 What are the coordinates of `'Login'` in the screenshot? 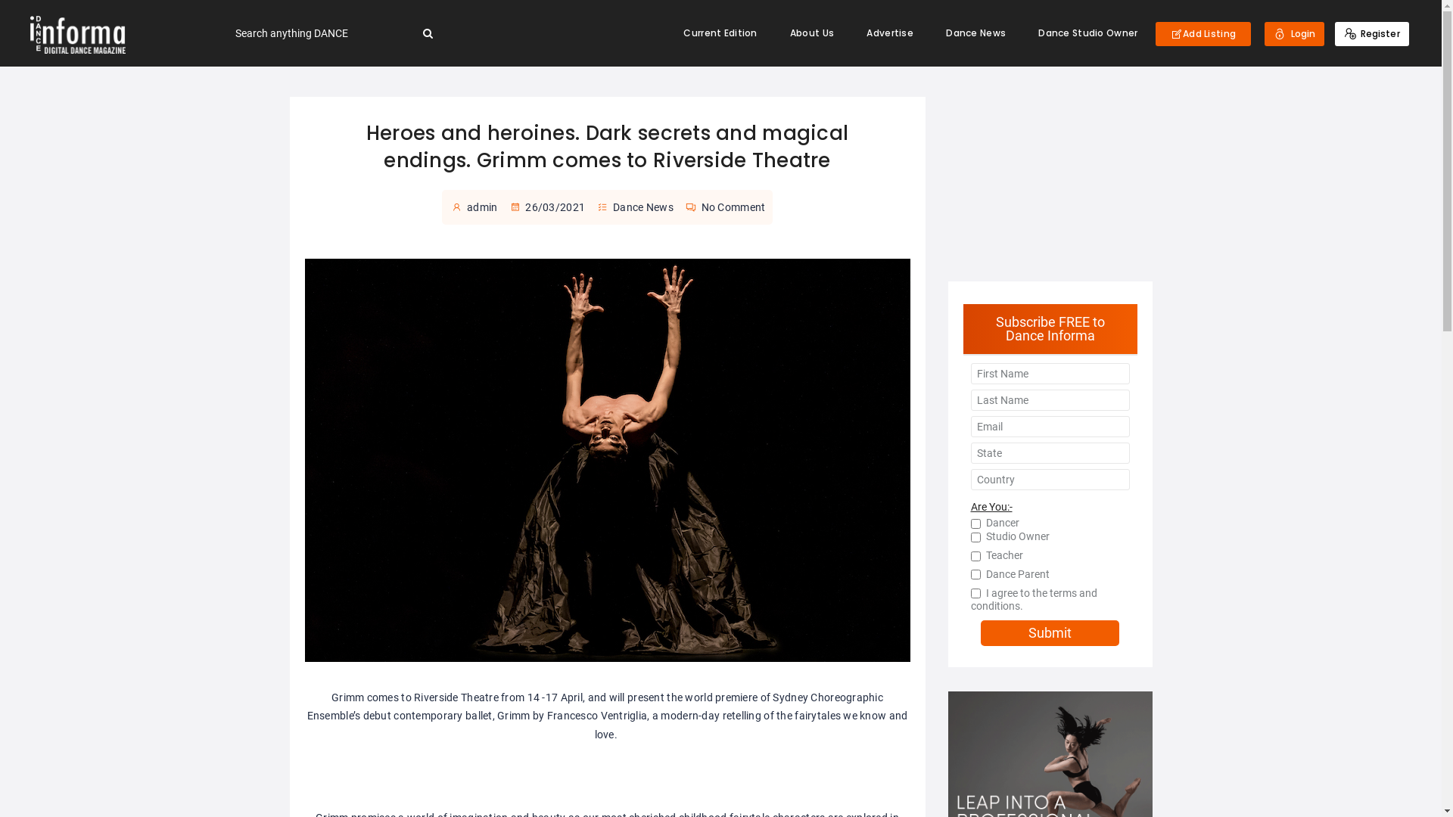 It's located at (1293, 33).